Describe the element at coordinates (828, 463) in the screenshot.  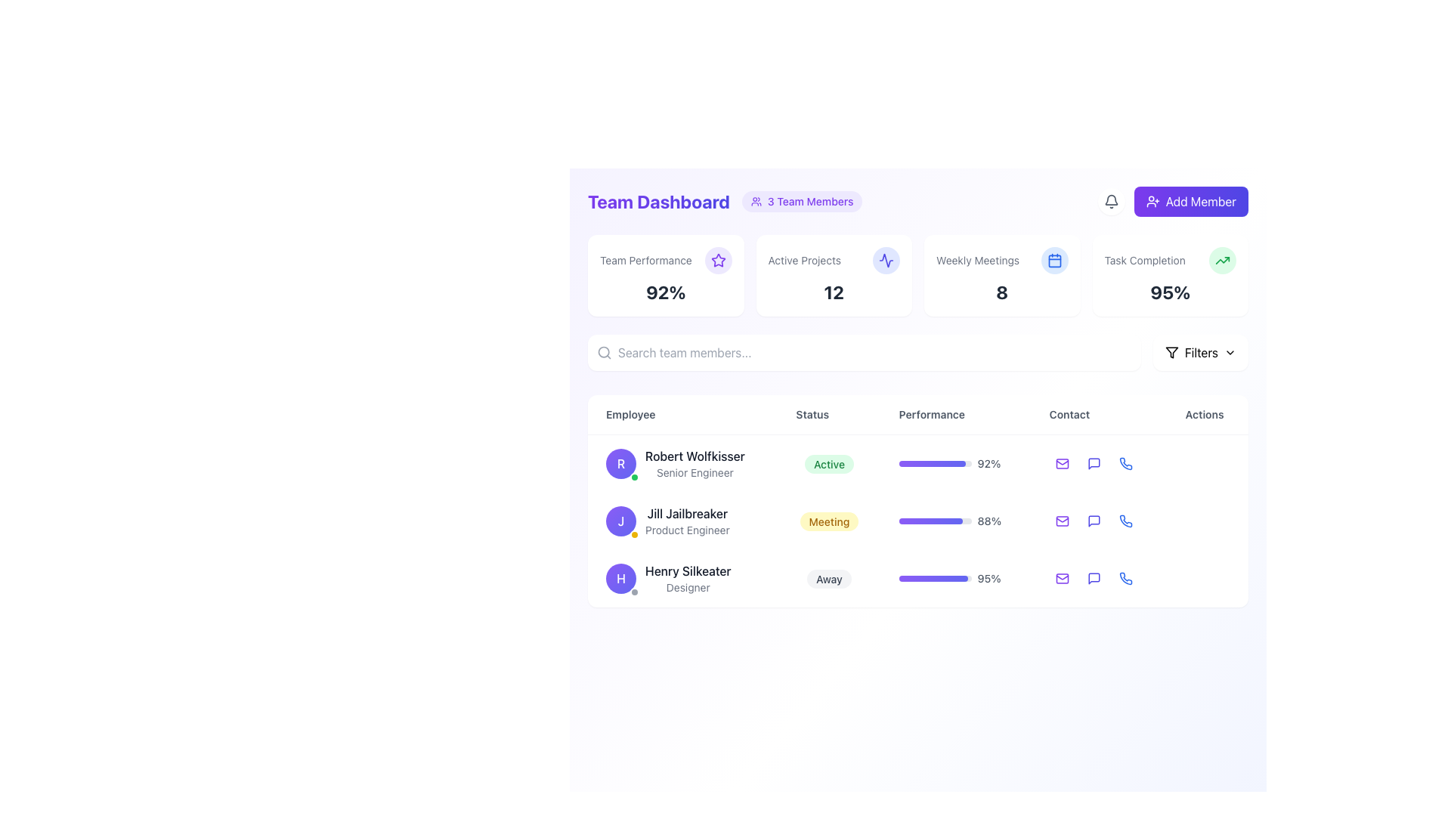
I see `the 'Active' status label, which is a rounded pill-shaped element in green color, located in the 'Status' column of the Team Dashboard for Robert Wolfkisser` at that location.